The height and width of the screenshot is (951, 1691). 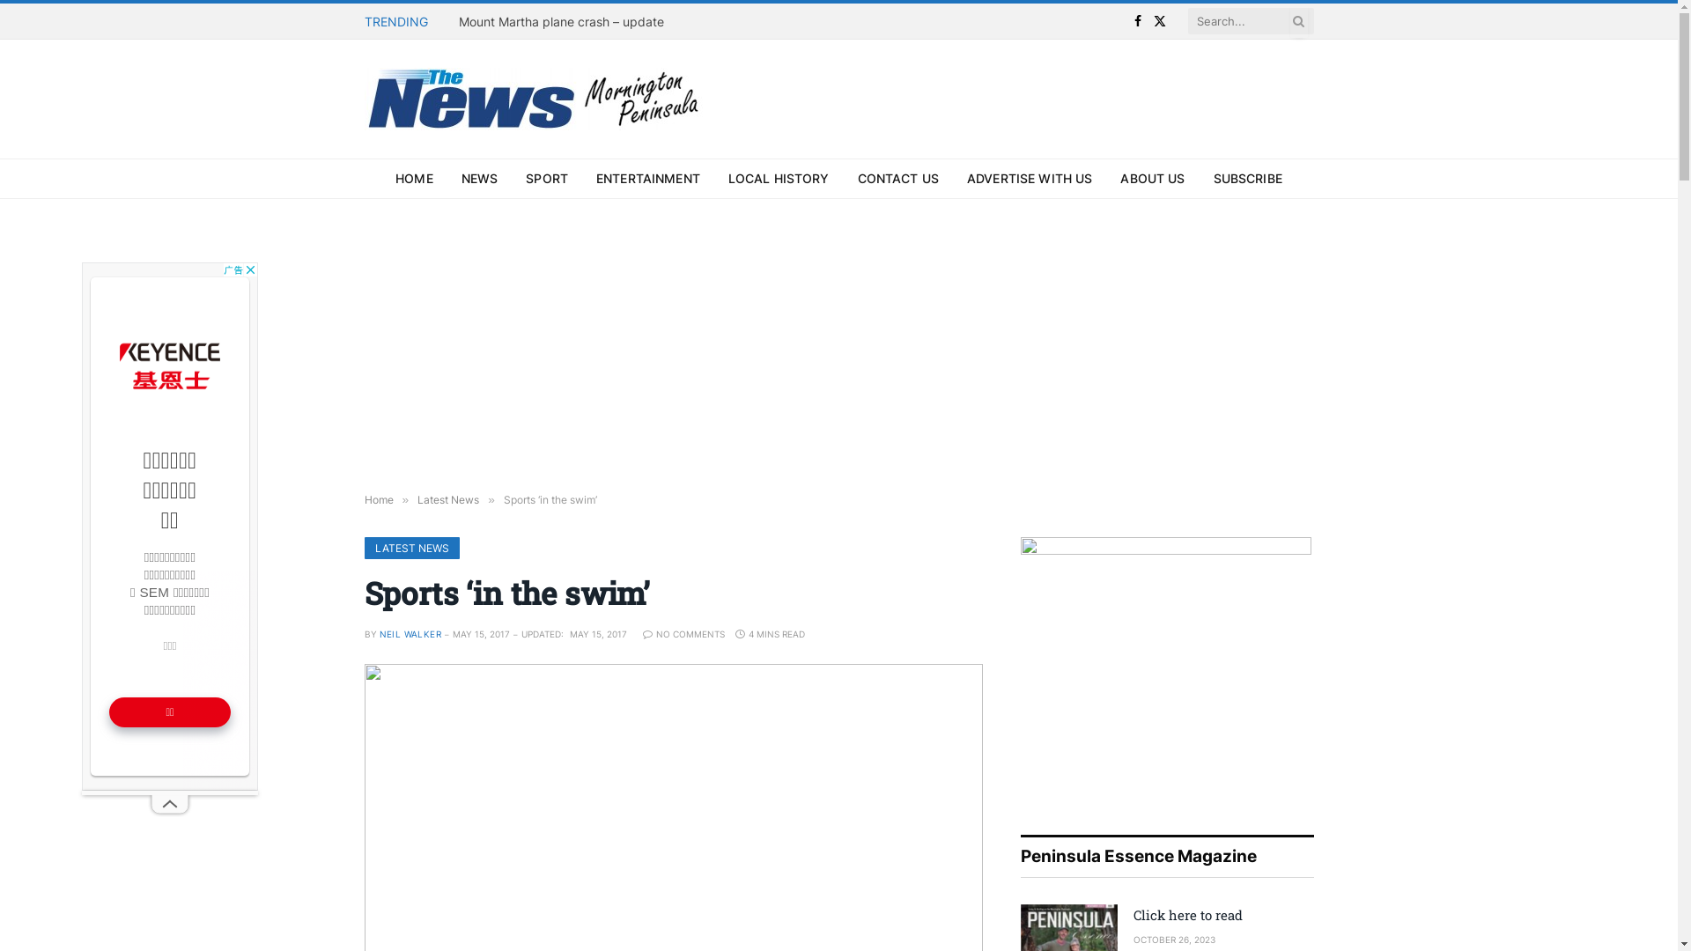 What do you see at coordinates (1105, 179) in the screenshot?
I see `'ABOUT US'` at bounding box center [1105, 179].